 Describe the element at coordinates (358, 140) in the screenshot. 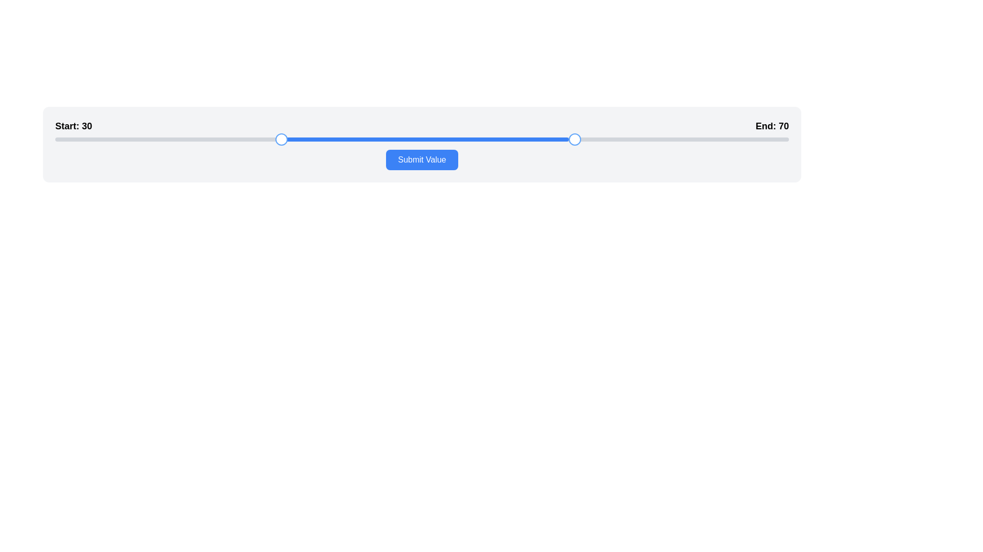

I see `slider position` at that location.